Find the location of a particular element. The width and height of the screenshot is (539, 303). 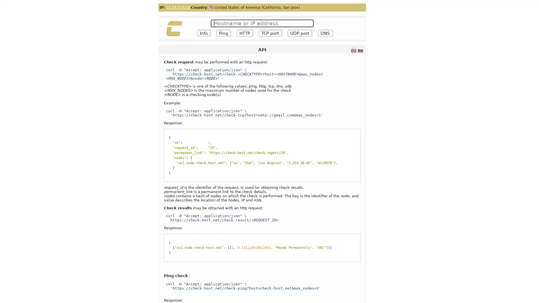

Info is located at coordinates (203, 33).